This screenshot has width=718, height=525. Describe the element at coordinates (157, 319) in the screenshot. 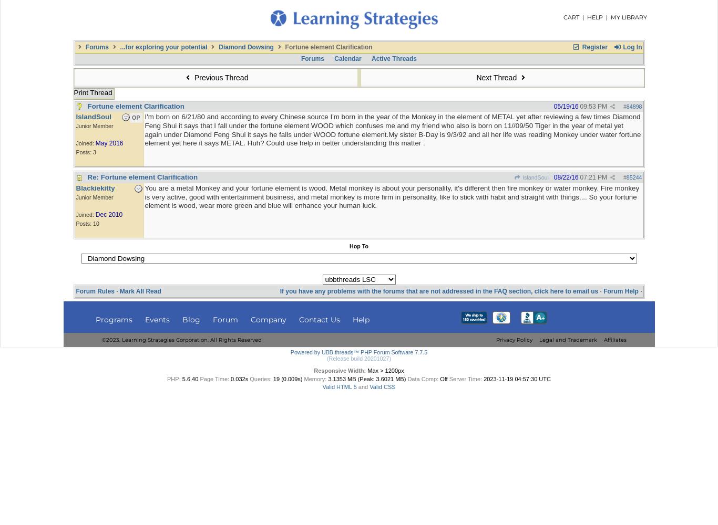

I see `'Events'` at that location.